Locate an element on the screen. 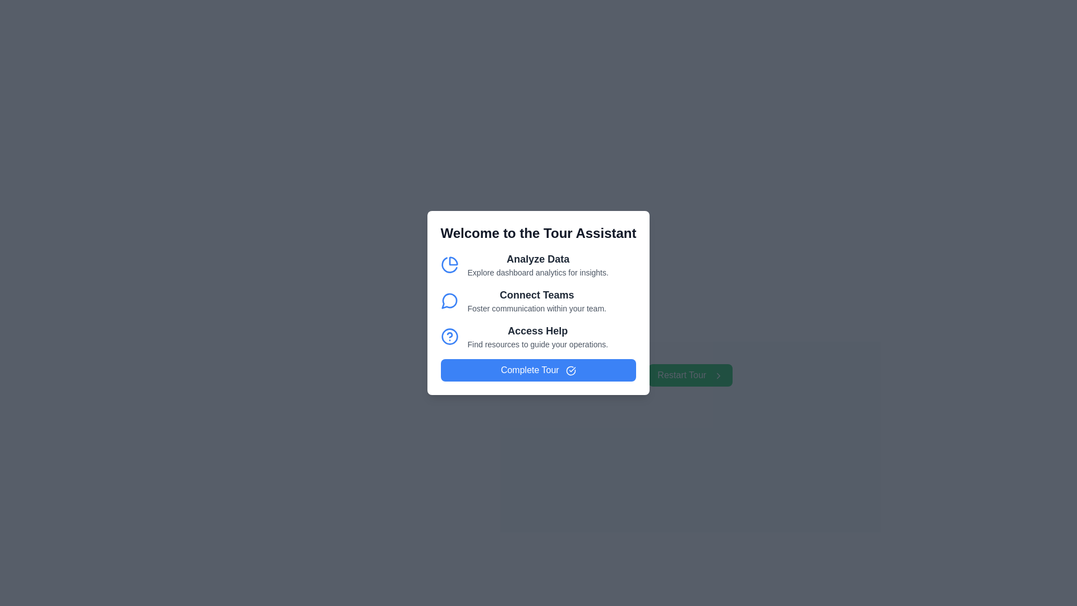  the 'Connect Teams' informational text section which includes a heading and a description, located below the 'Analyze Data' section and above the 'Access Help' section is located at coordinates (538, 303).